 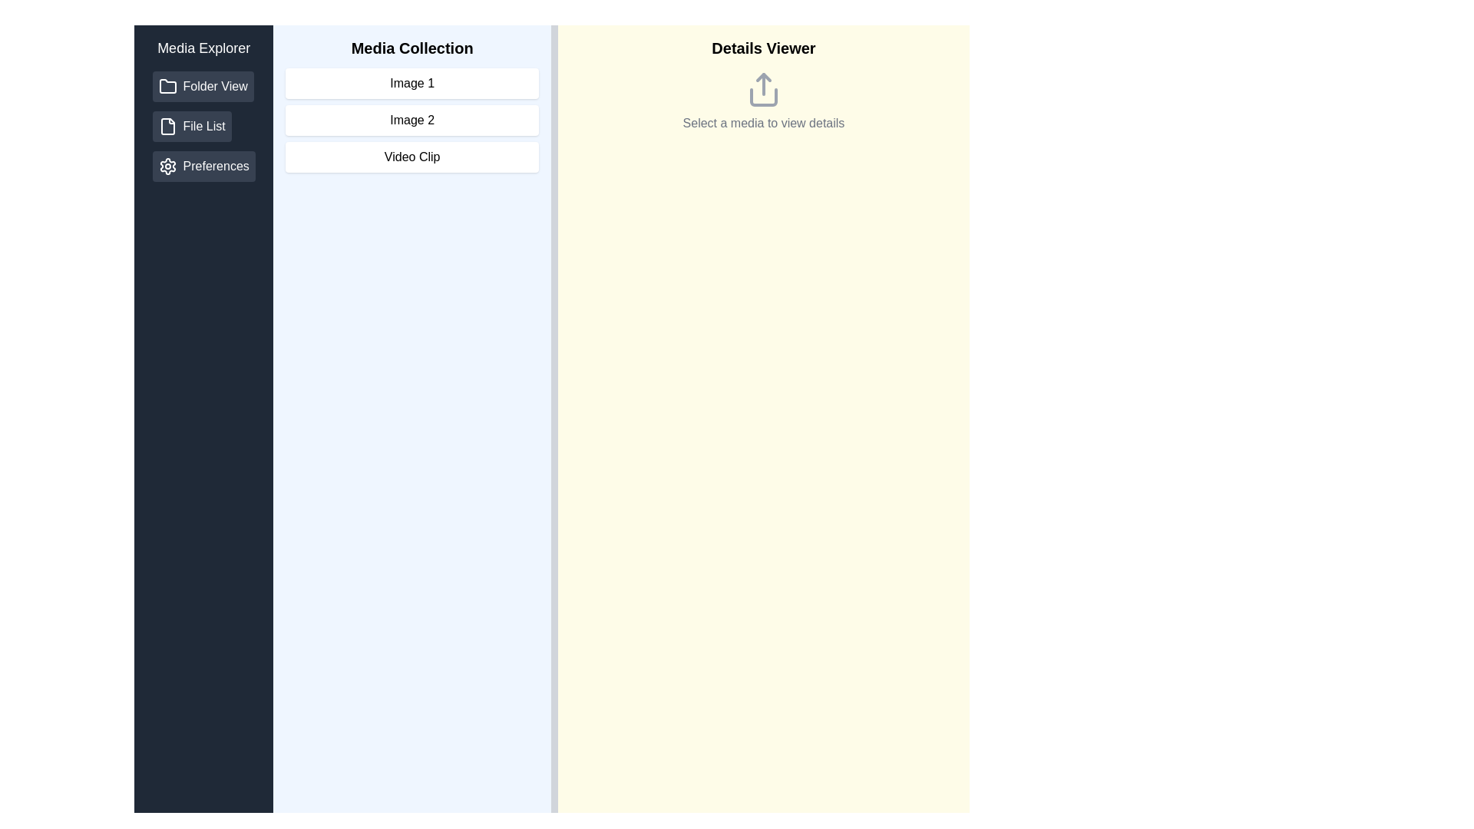 What do you see at coordinates (167, 166) in the screenshot?
I see `the gear-shaped icon representing the settings or preferences button, located in the left side panel of the 'Media Explorer' navigation menu` at bounding box center [167, 166].